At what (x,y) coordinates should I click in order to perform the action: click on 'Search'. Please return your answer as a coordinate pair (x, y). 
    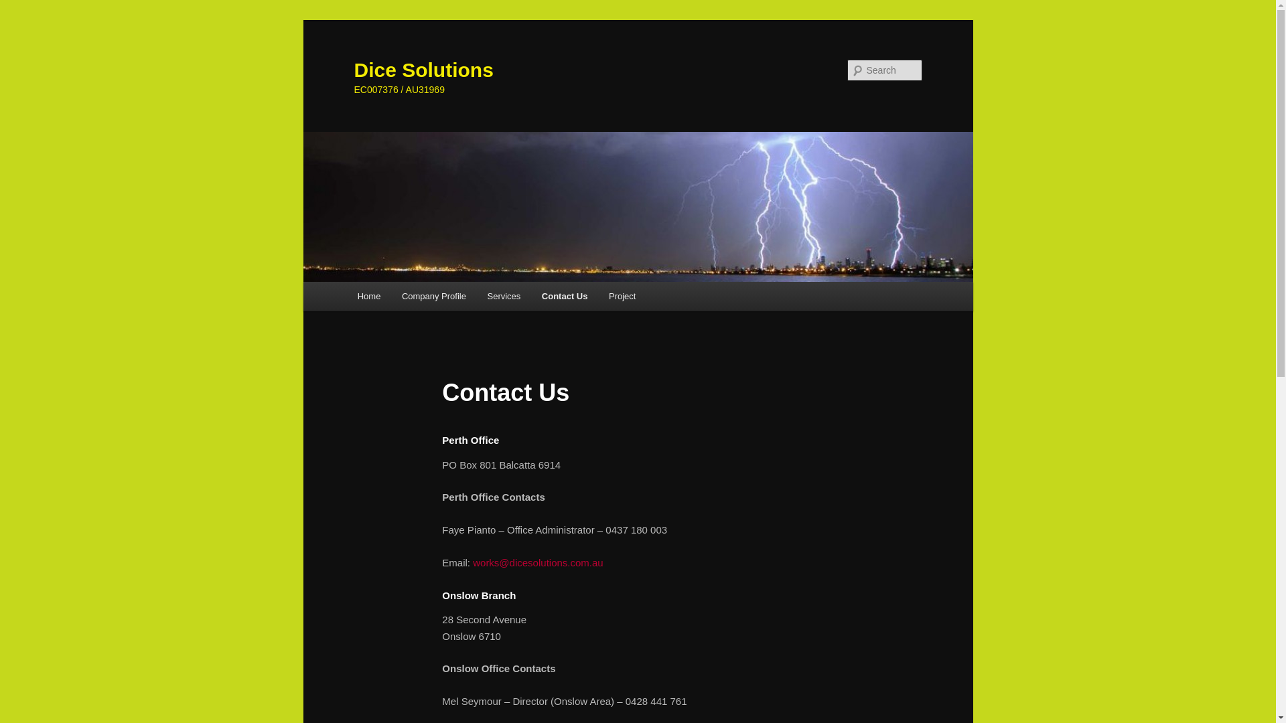
    Looking at the image, I should click on (21, 7).